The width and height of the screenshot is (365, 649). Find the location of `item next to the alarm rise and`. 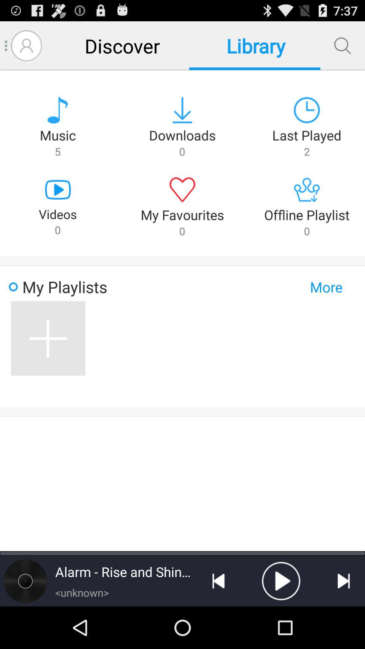

item next to the alarm rise and is located at coordinates (218, 580).